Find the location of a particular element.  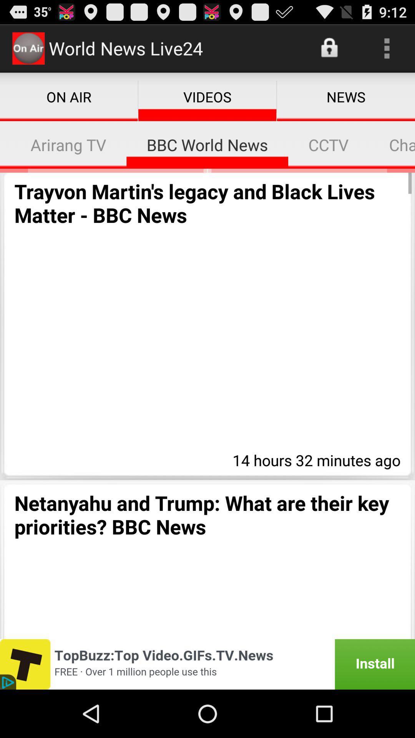

icon next to      arirang tv      item is located at coordinates (5, 145).